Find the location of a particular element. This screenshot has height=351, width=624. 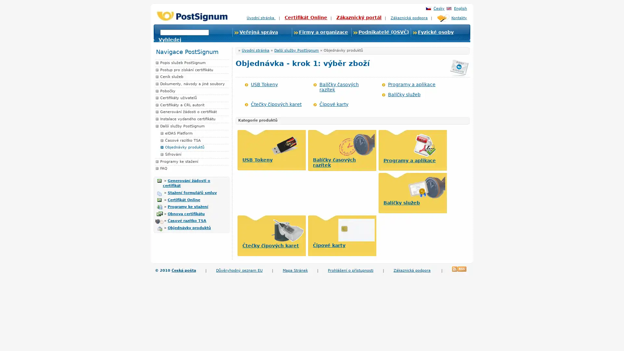

Vyhledej is located at coordinates (170, 40).